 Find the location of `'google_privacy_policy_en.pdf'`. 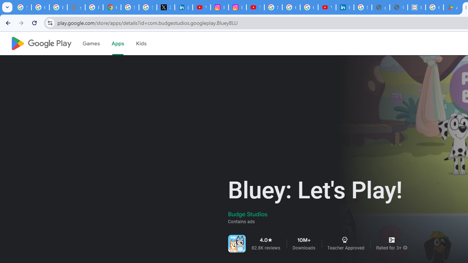

'google_privacy_policy_en.pdf' is located at coordinates (380, 7).